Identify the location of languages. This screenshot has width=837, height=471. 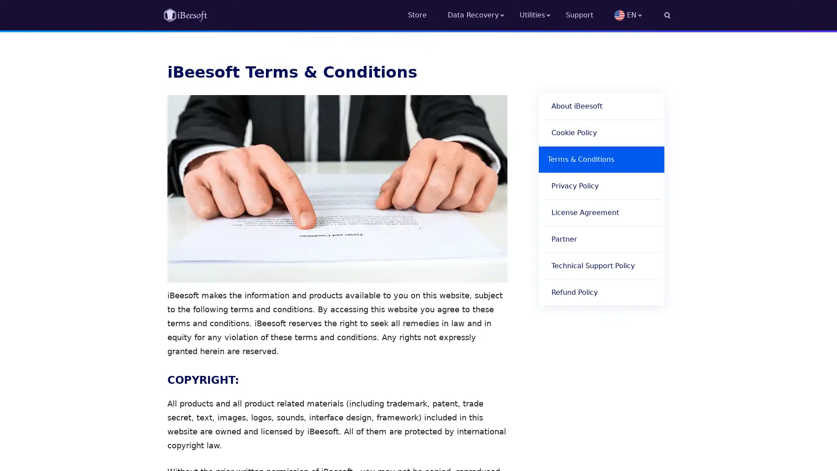
(642, 15).